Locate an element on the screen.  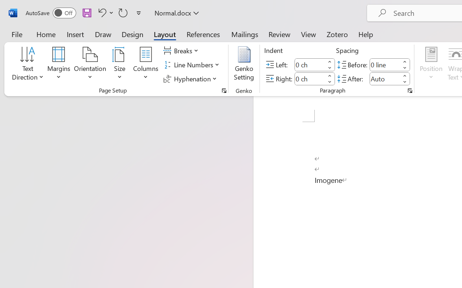
'Genko Setting...' is located at coordinates (244, 64).